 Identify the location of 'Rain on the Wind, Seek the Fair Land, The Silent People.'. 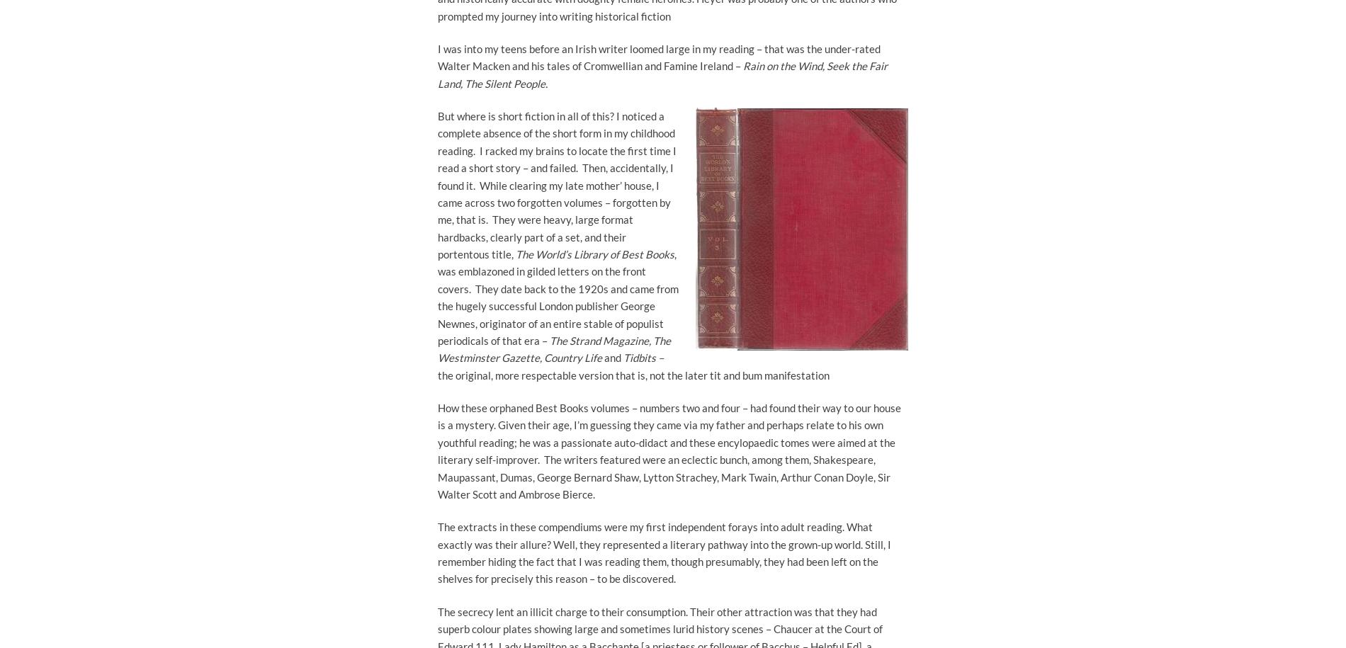
(438, 74).